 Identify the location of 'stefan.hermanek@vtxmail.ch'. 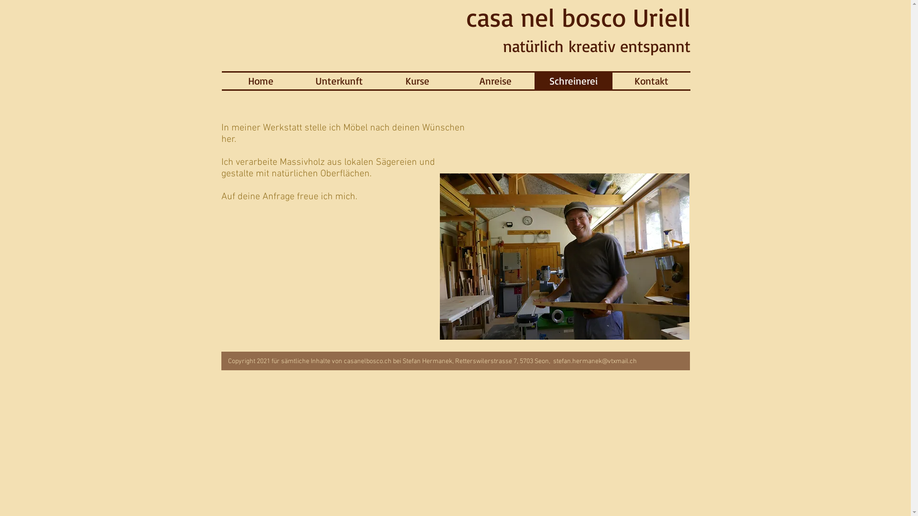
(594, 361).